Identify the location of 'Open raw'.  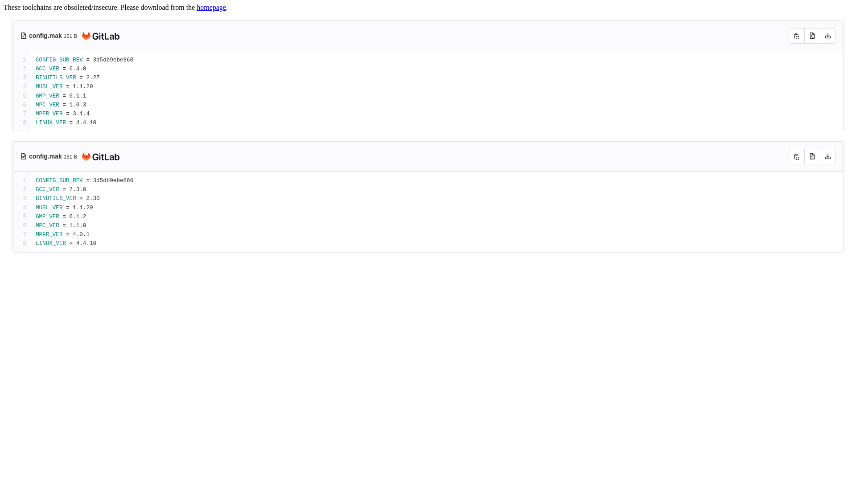
(812, 156).